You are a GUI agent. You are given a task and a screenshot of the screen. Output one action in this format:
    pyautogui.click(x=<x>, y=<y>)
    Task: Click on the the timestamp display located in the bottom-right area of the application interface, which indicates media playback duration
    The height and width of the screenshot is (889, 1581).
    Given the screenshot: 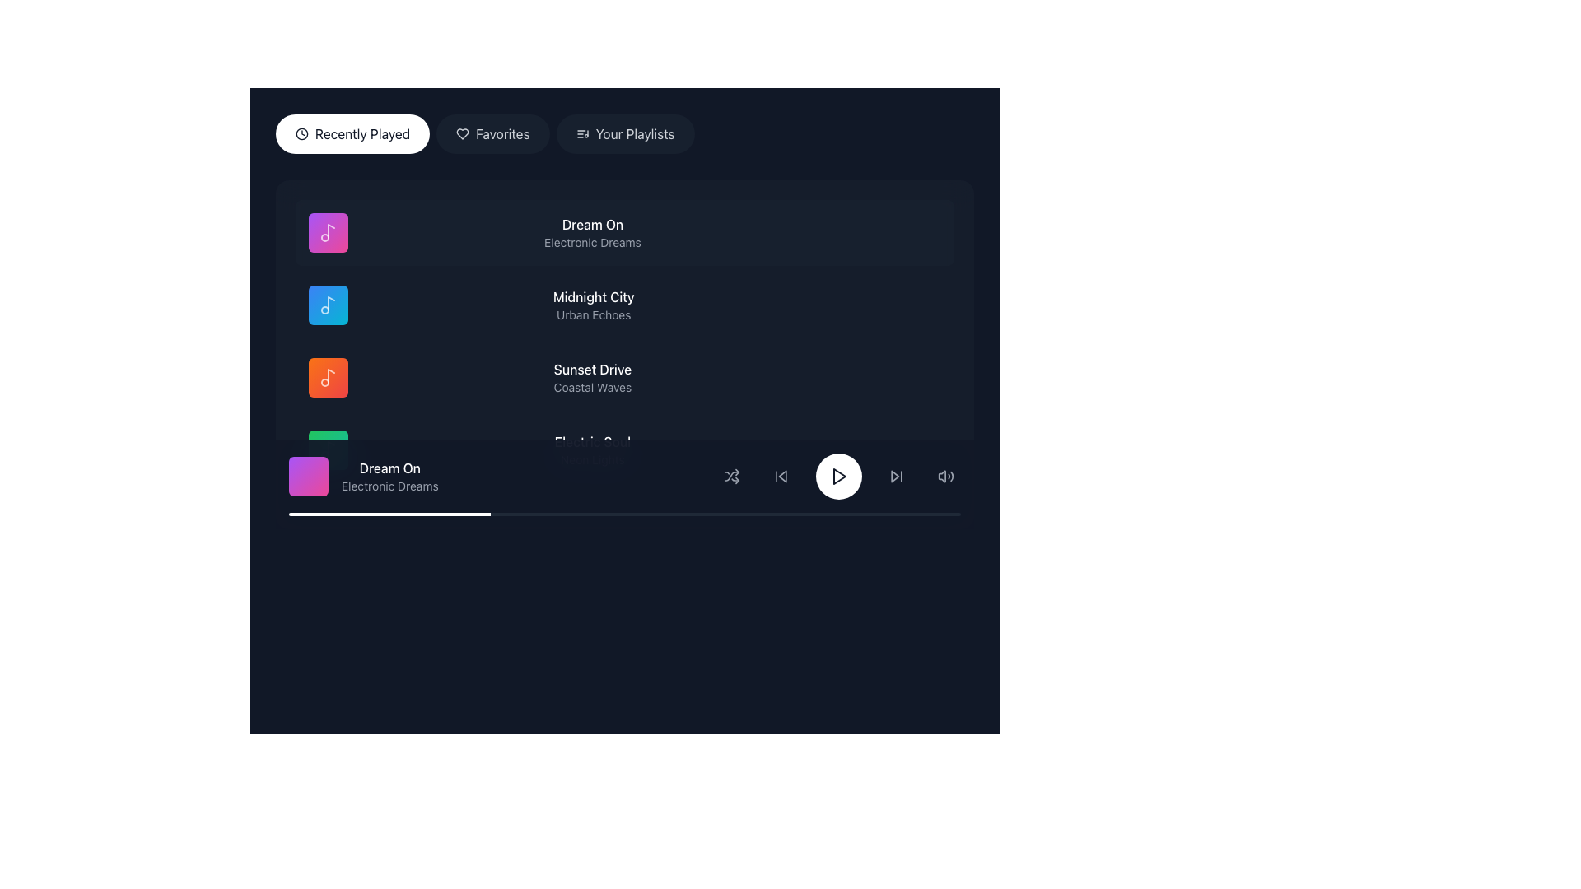 What is the action you would take?
    pyautogui.click(x=888, y=450)
    